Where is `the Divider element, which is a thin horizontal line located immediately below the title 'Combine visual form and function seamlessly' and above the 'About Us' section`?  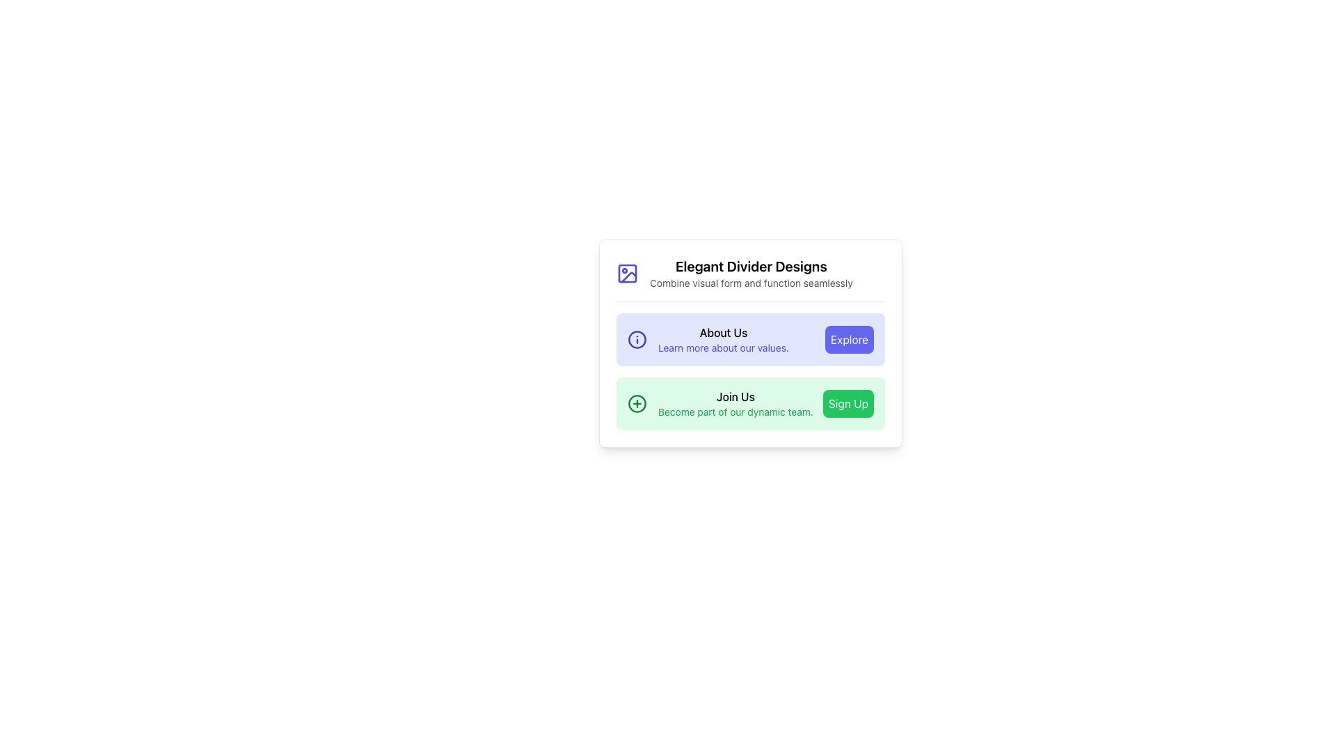
the Divider element, which is a thin horizontal line located immediately below the title 'Combine visual form and function seamlessly' and above the 'About Us' section is located at coordinates (750, 300).